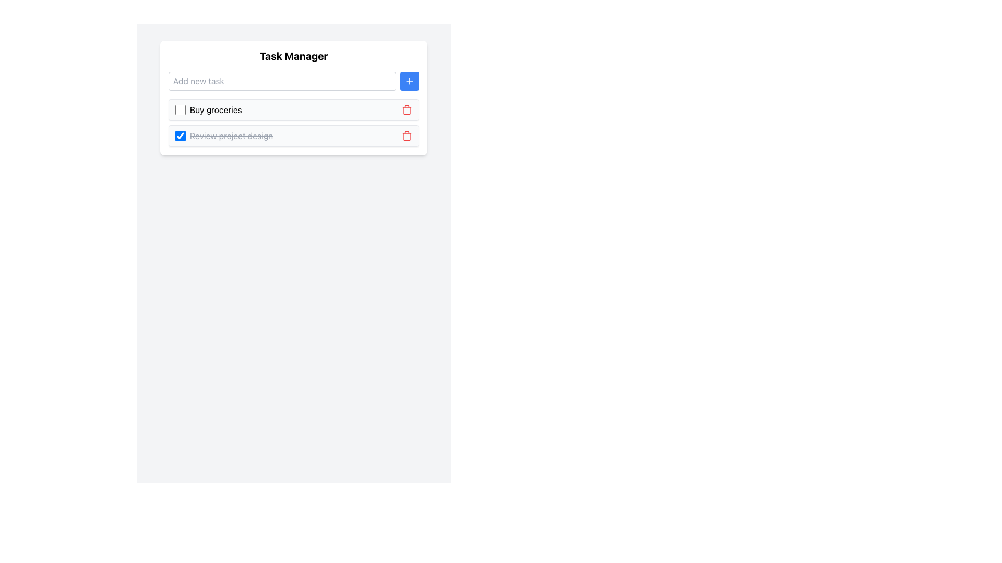 The width and height of the screenshot is (1002, 563). Describe the element at coordinates (180, 136) in the screenshot. I see `the checkbox with a green tick mark and blue background, located to the left of 'Review project design'` at that location.